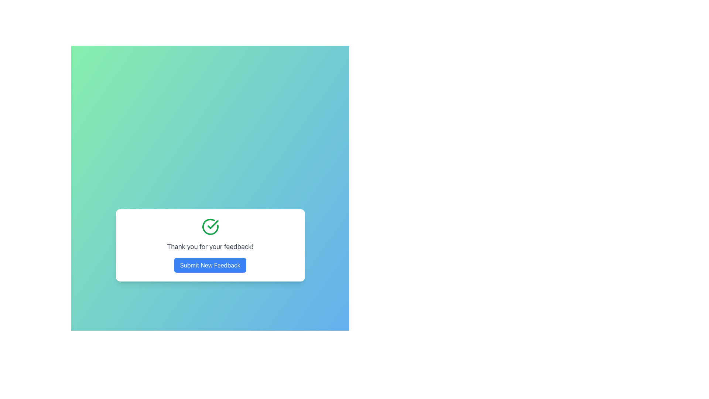 Image resolution: width=709 pixels, height=399 pixels. Describe the element at coordinates (212, 224) in the screenshot. I see `the green checkmark icon within the SVG graphic that is part of the user feedback confirmation UI, located at the center-top of the card containing a 'Thank you for your feedback!' message` at that location.